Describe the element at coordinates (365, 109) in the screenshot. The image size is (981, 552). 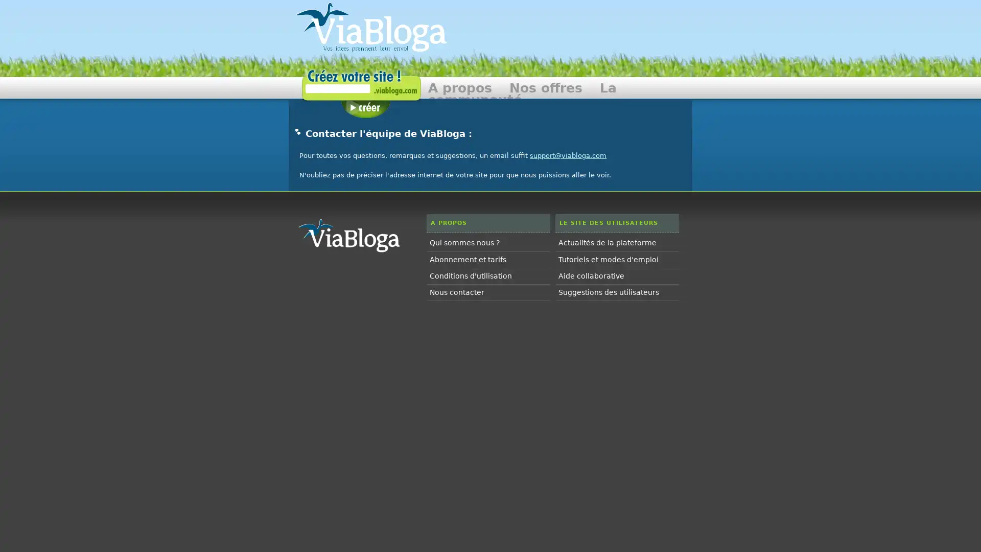
I see `Creer` at that location.